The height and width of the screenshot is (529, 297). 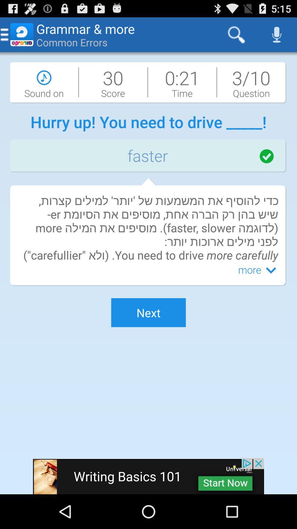 I want to click on advertisement, so click(x=148, y=476).